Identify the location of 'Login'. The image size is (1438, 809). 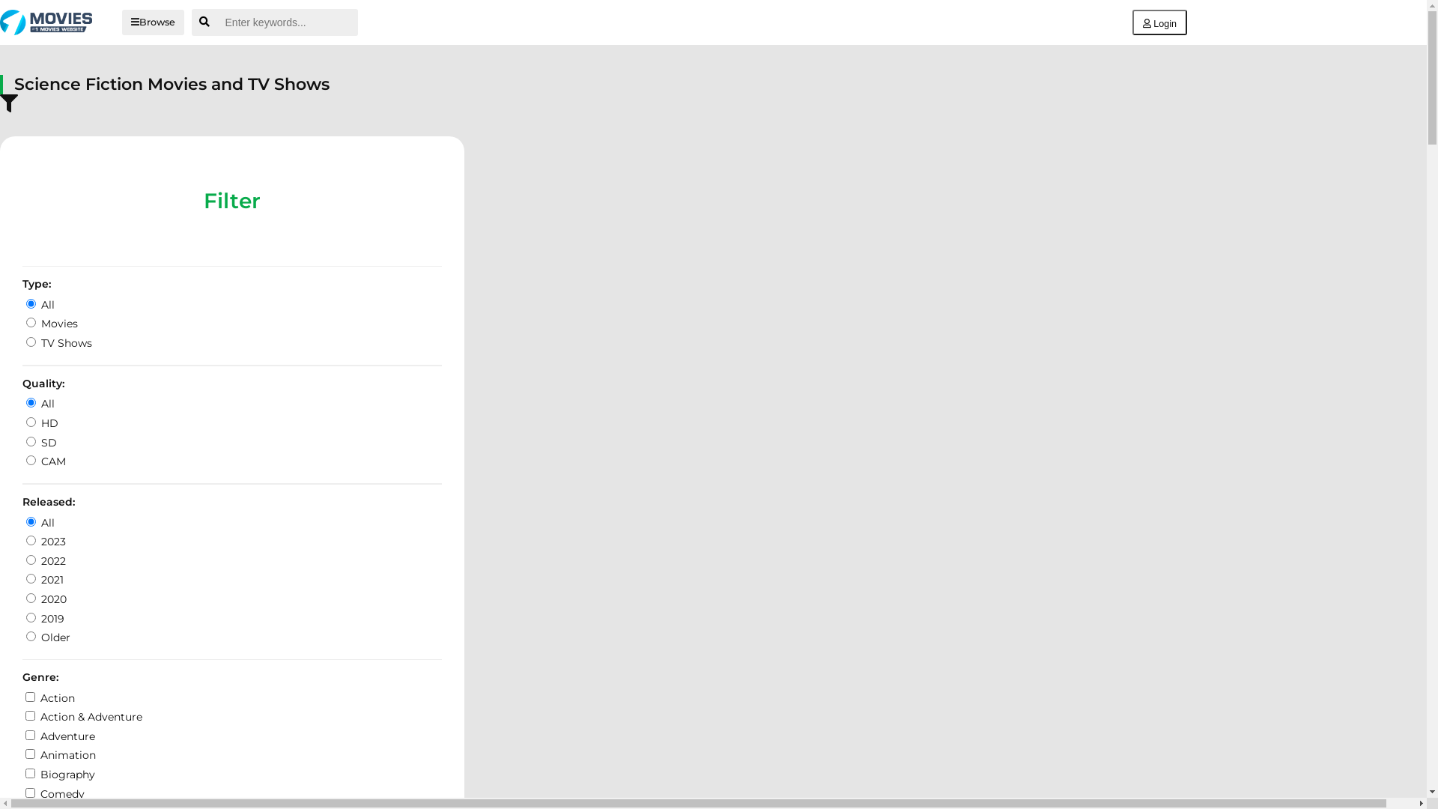
(1159, 22).